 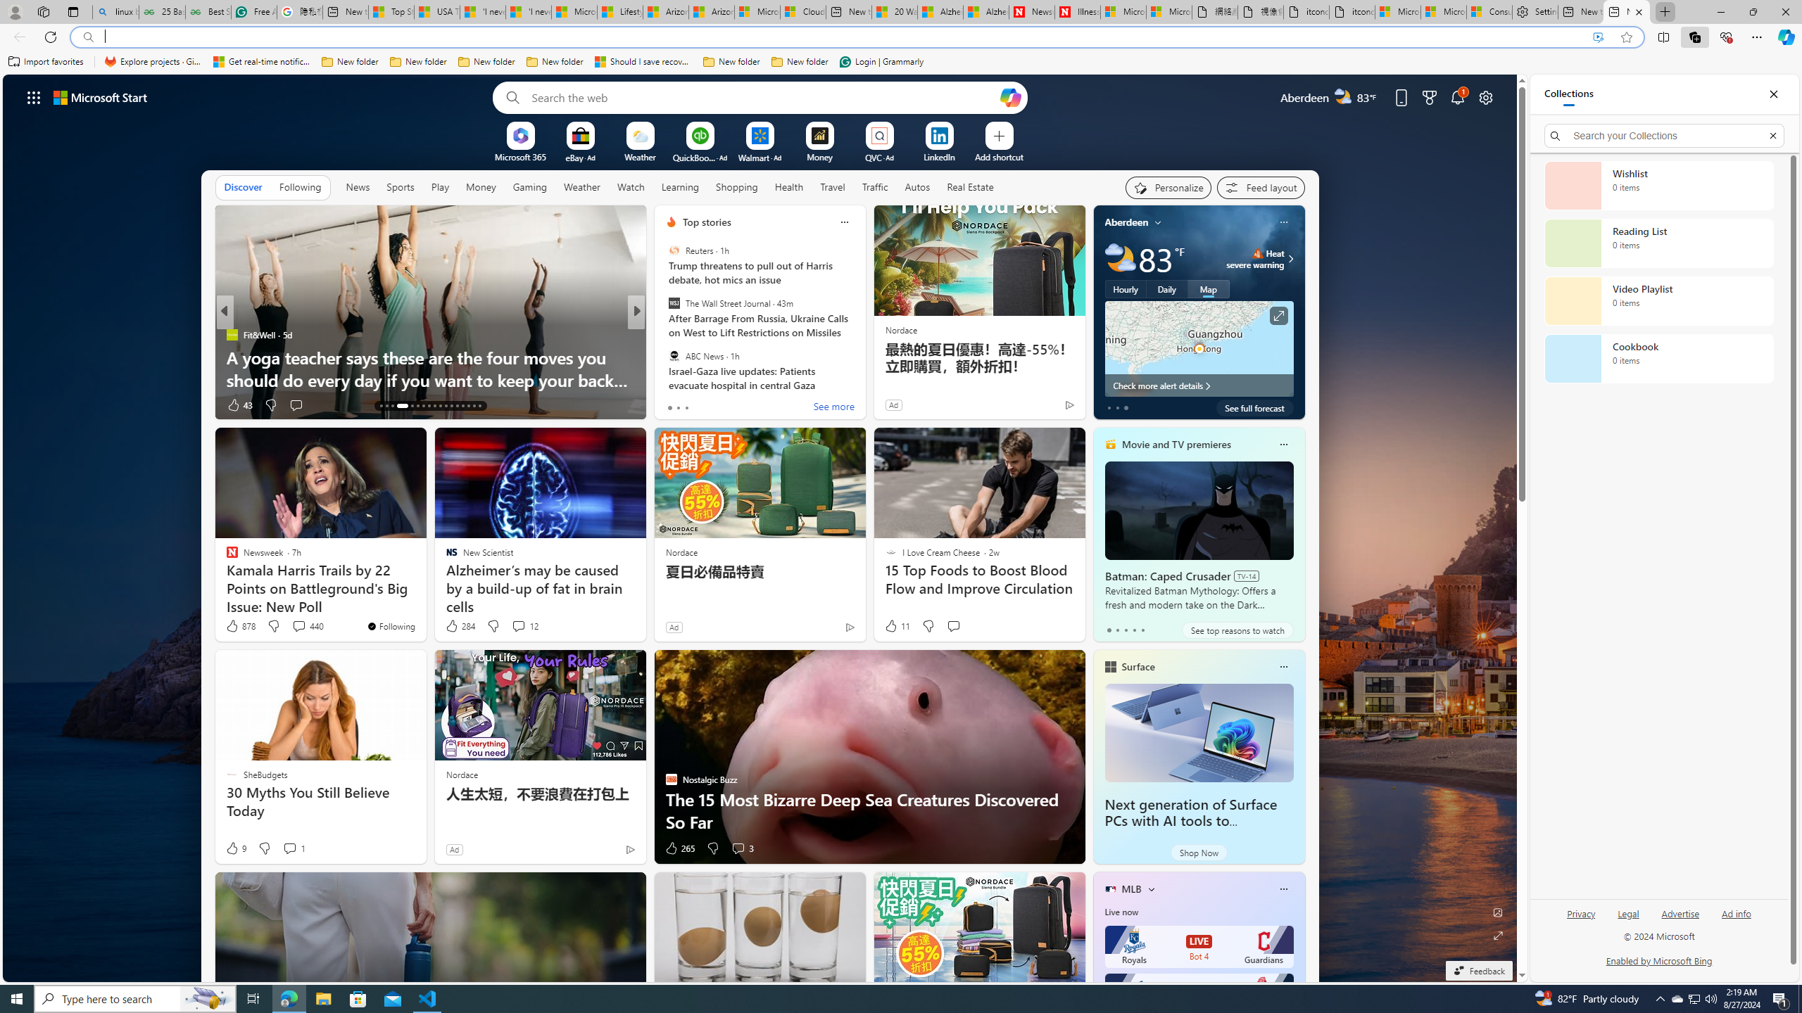 What do you see at coordinates (737, 848) in the screenshot?
I see `'View comments 3 Comment'` at bounding box center [737, 848].